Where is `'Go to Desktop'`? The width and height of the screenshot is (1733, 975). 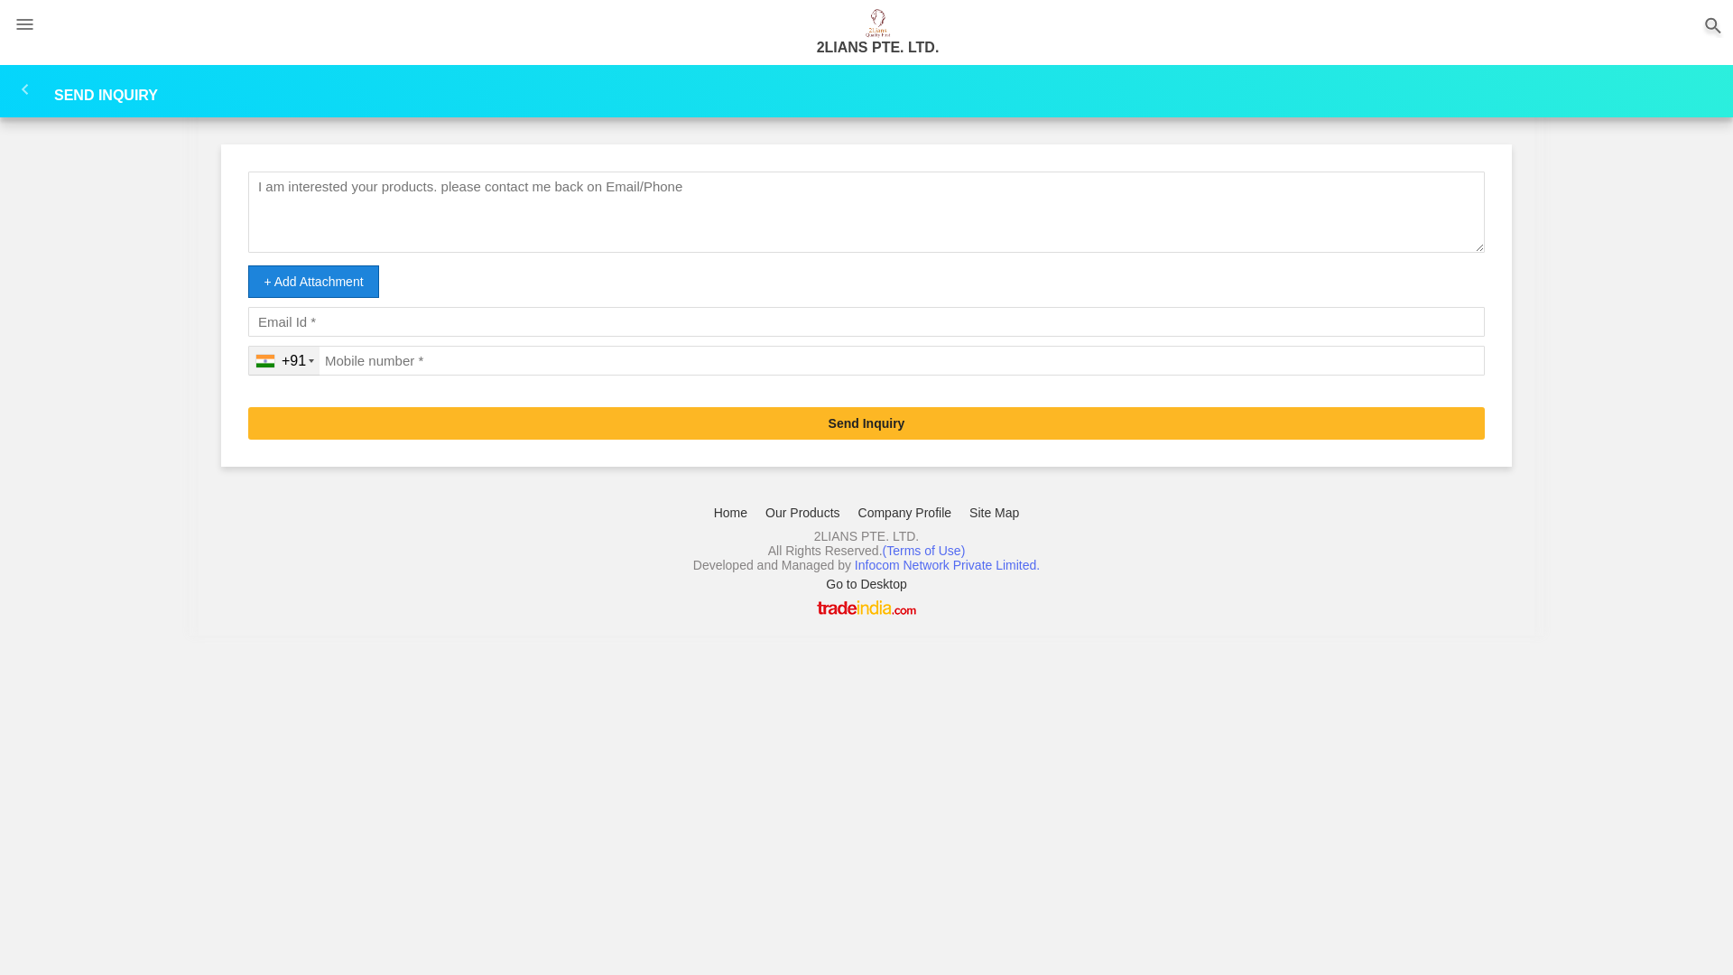
'Go to Desktop' is located at coordinates (866, 584).